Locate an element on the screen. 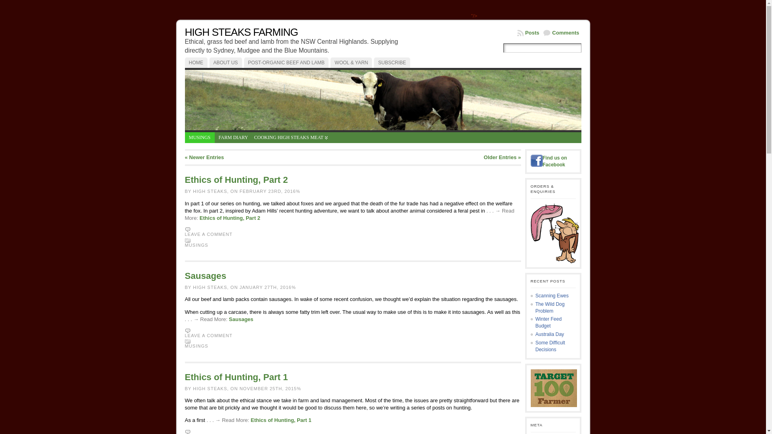  'Sausages' is located at coordinates (240, 319).